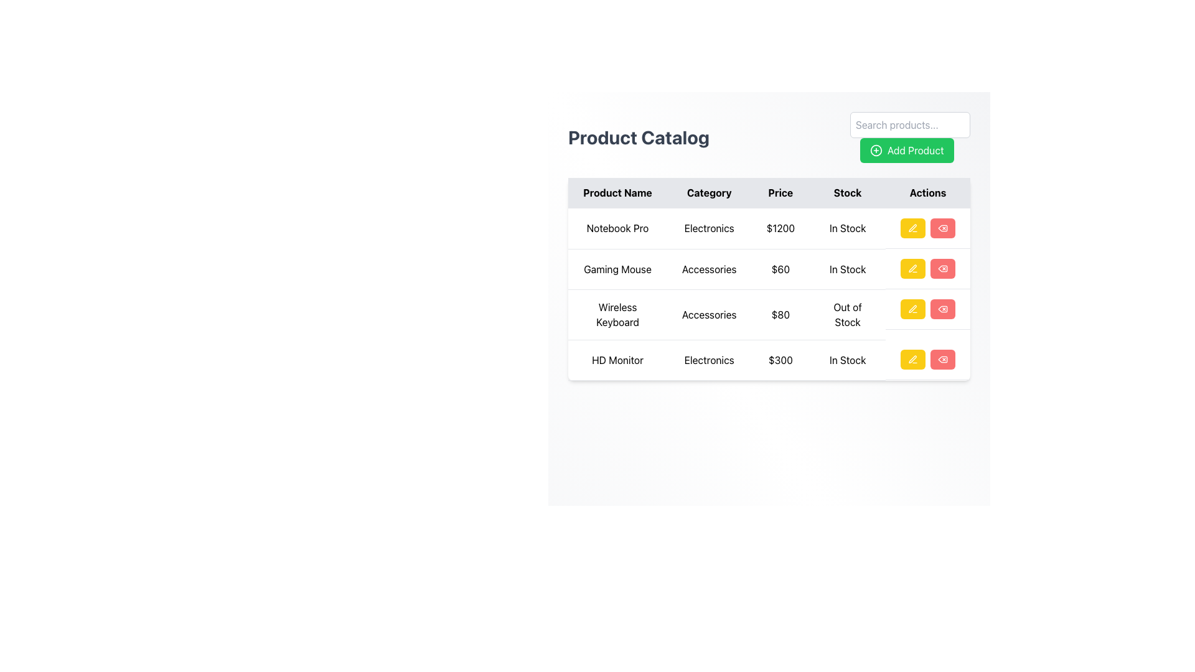 This screenshot has width=1195, height=672. Describe the element at coordinates (943, 360) in the screenshot. I see `the red circular button with a white trash bin icon` at that location.